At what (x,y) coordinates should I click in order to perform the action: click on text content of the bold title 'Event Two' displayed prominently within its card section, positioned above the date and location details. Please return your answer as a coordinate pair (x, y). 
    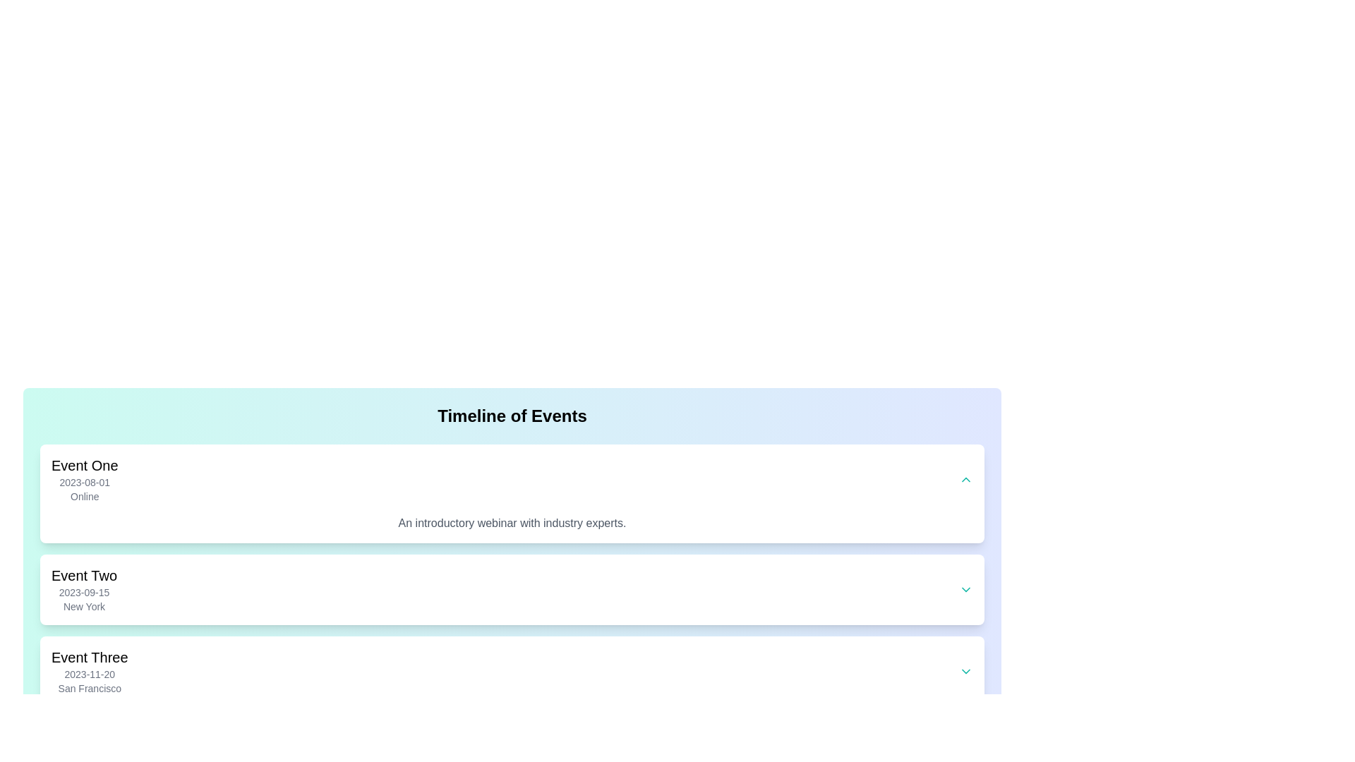
    Looking at the image, I should click on (83, 576).